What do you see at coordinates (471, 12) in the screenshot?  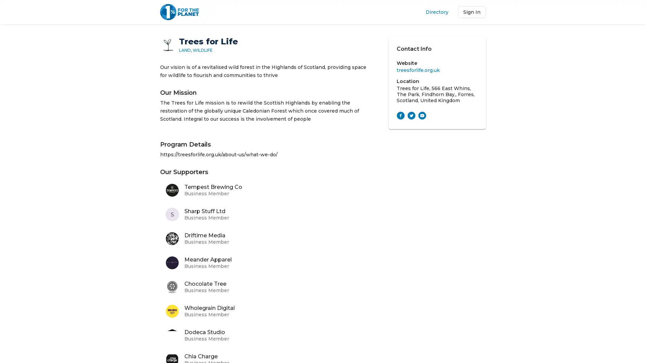 I see `Sign In` at bounding box center [471, 12].